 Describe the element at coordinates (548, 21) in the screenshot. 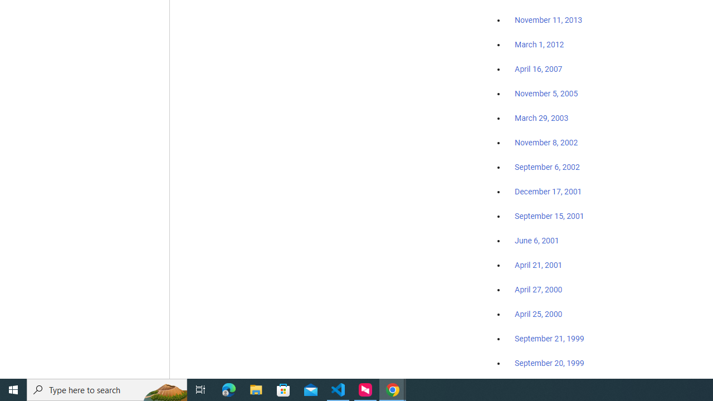

I see `'November 11, 2013'` at that location.